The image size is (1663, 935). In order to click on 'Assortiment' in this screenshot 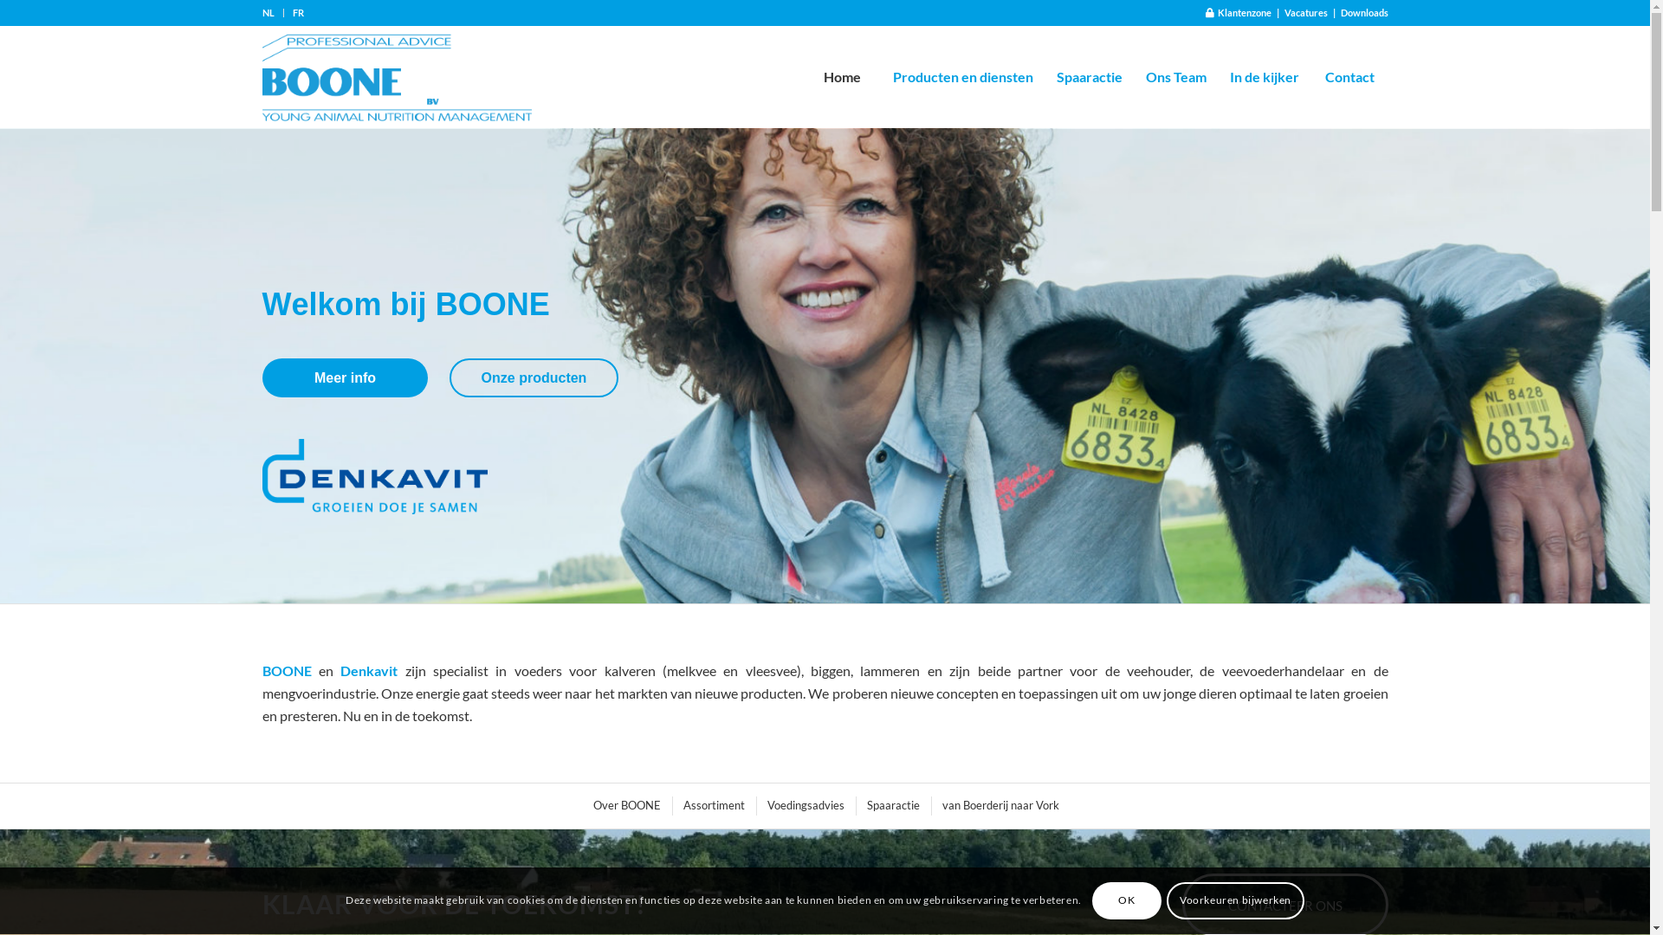, I will do `click(712, 805)`.